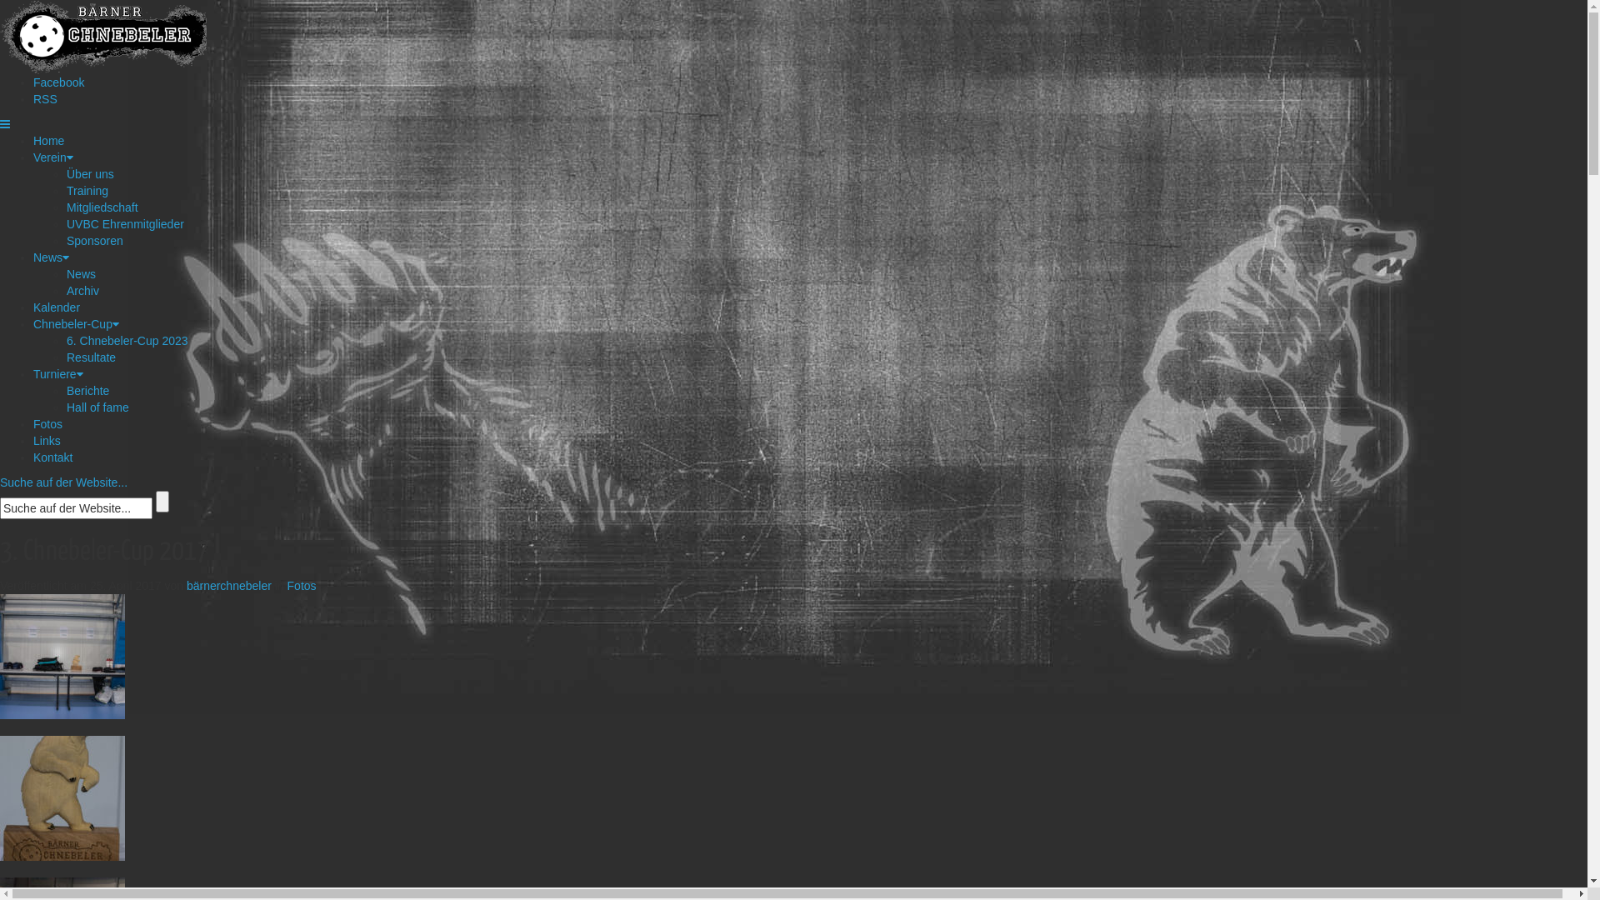  Describe the element at coordinates (67, 289) in the screenshot. I see `'Archiv'` at that location.